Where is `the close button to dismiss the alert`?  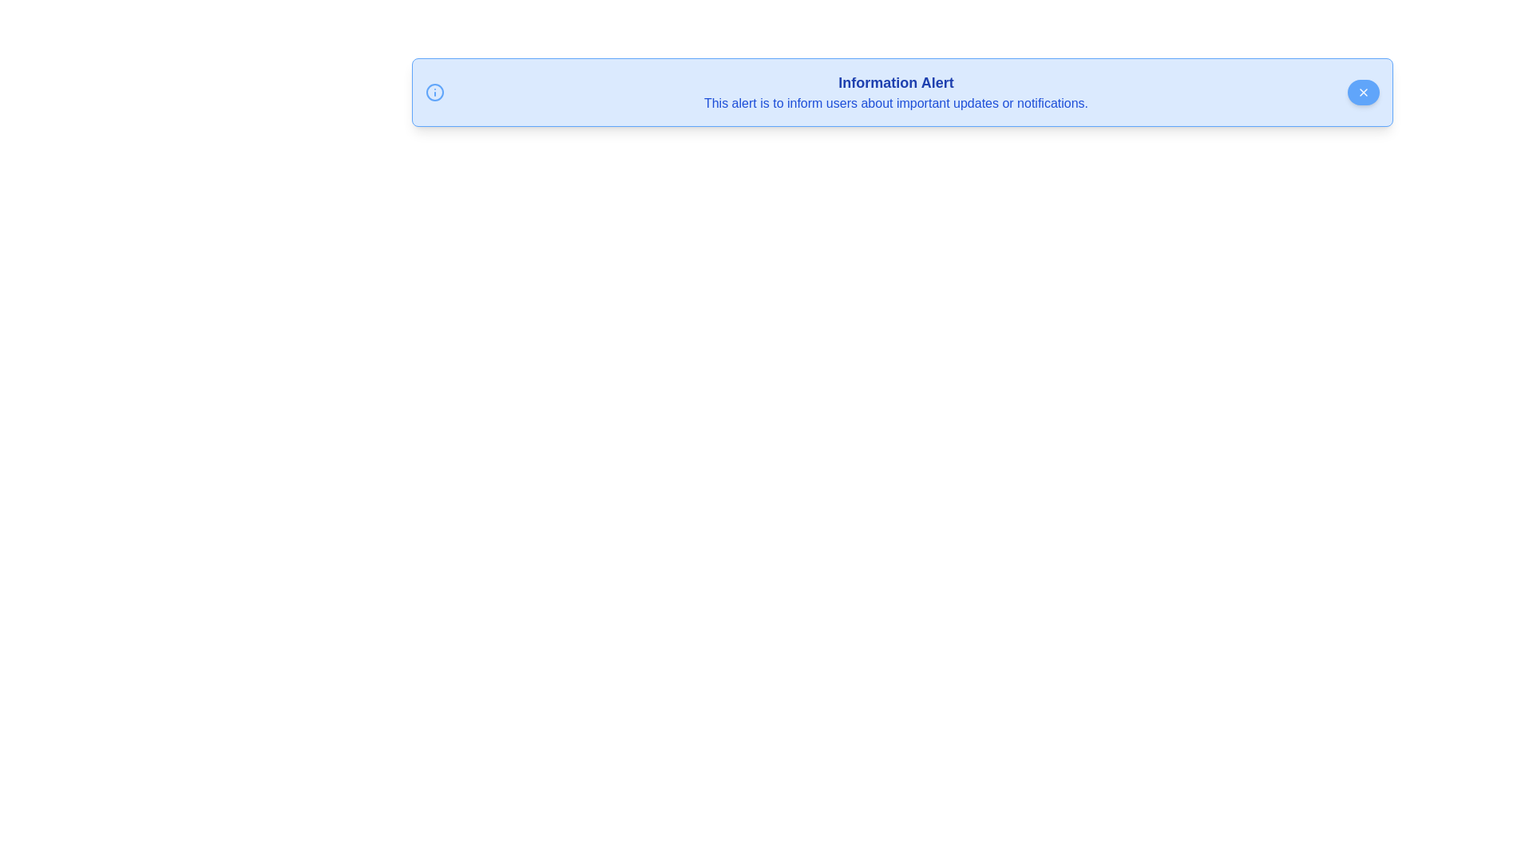
the close button to dismiss the alert is located at coordinates (1363, 92).